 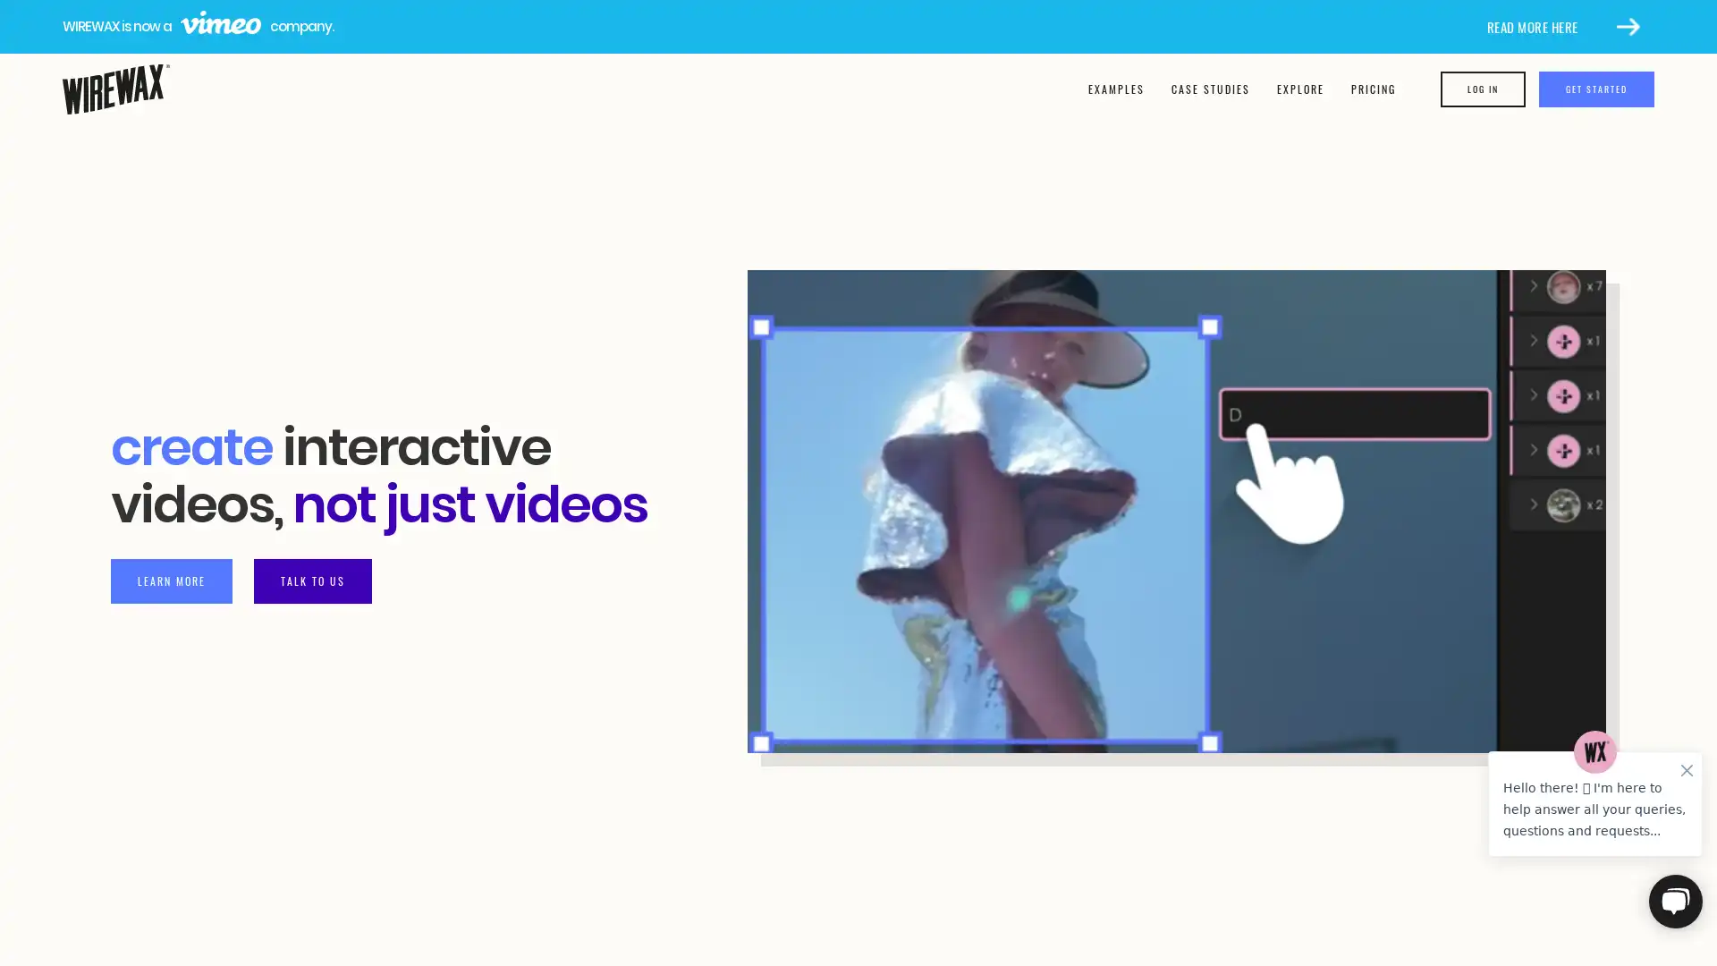 I want to click on GET STARTED, so click(x=1596, y=89).